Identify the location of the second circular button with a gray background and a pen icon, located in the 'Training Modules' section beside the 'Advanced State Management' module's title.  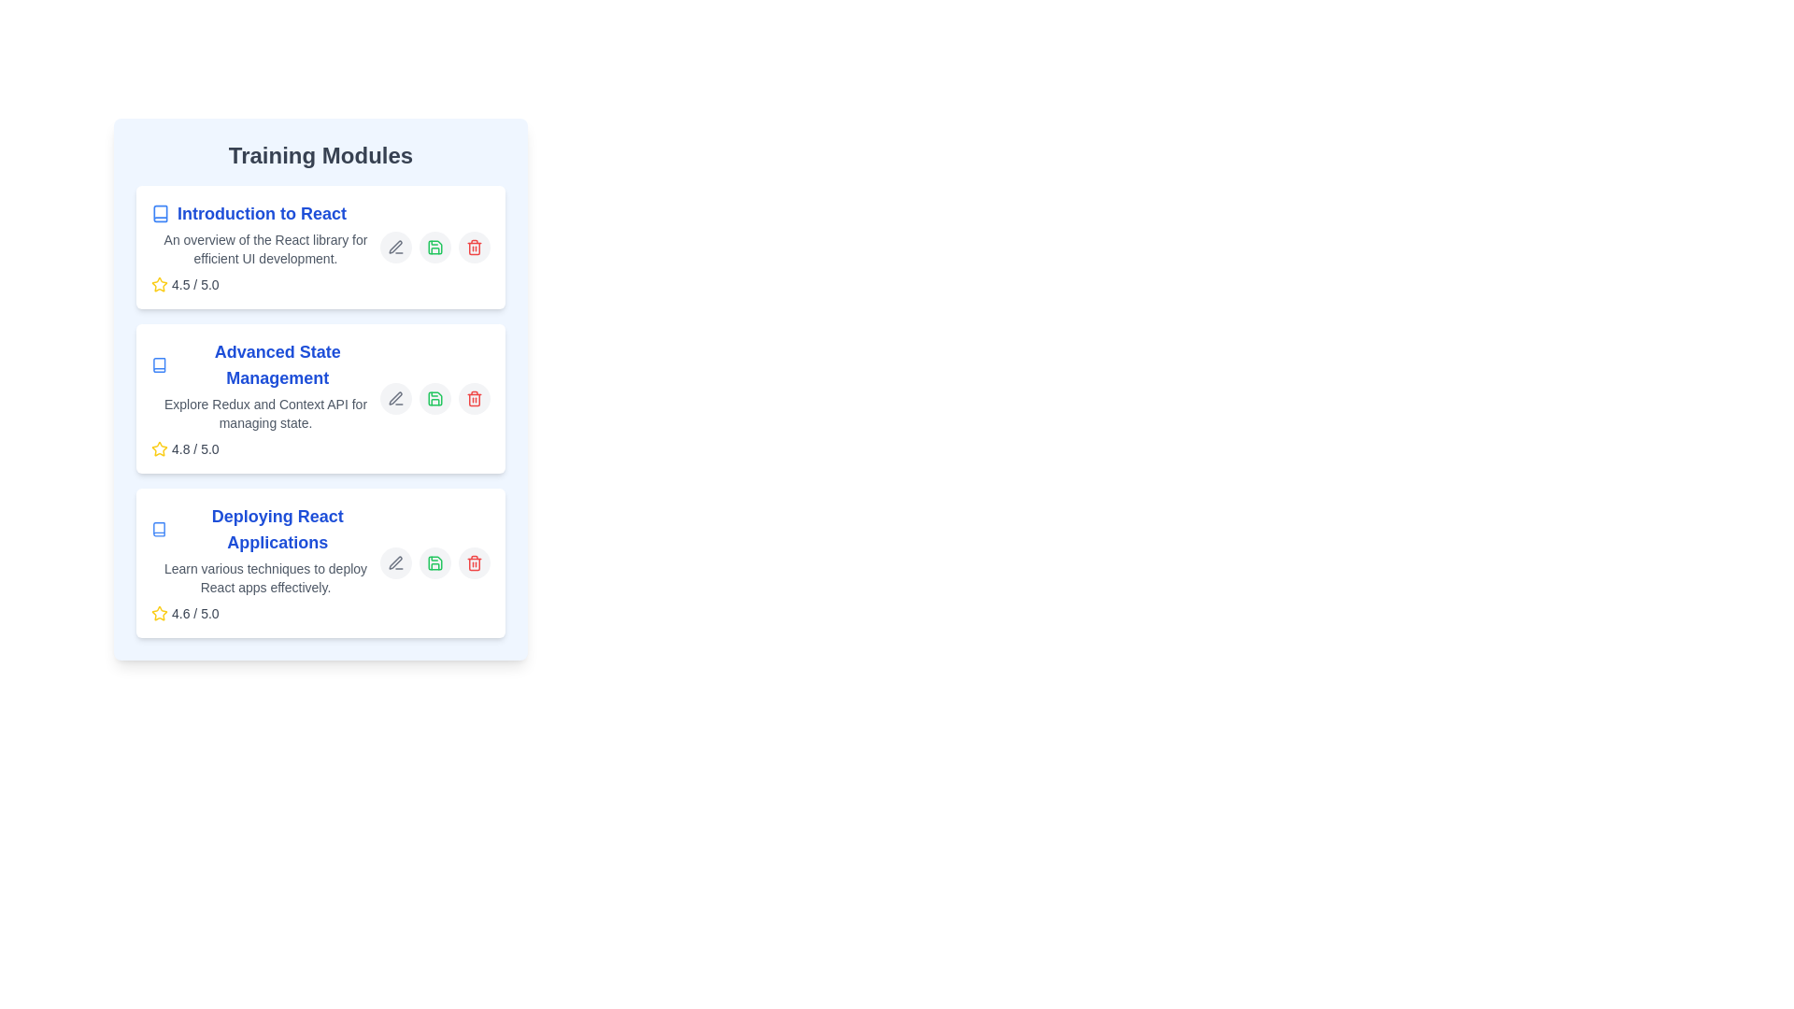
(394, 398).